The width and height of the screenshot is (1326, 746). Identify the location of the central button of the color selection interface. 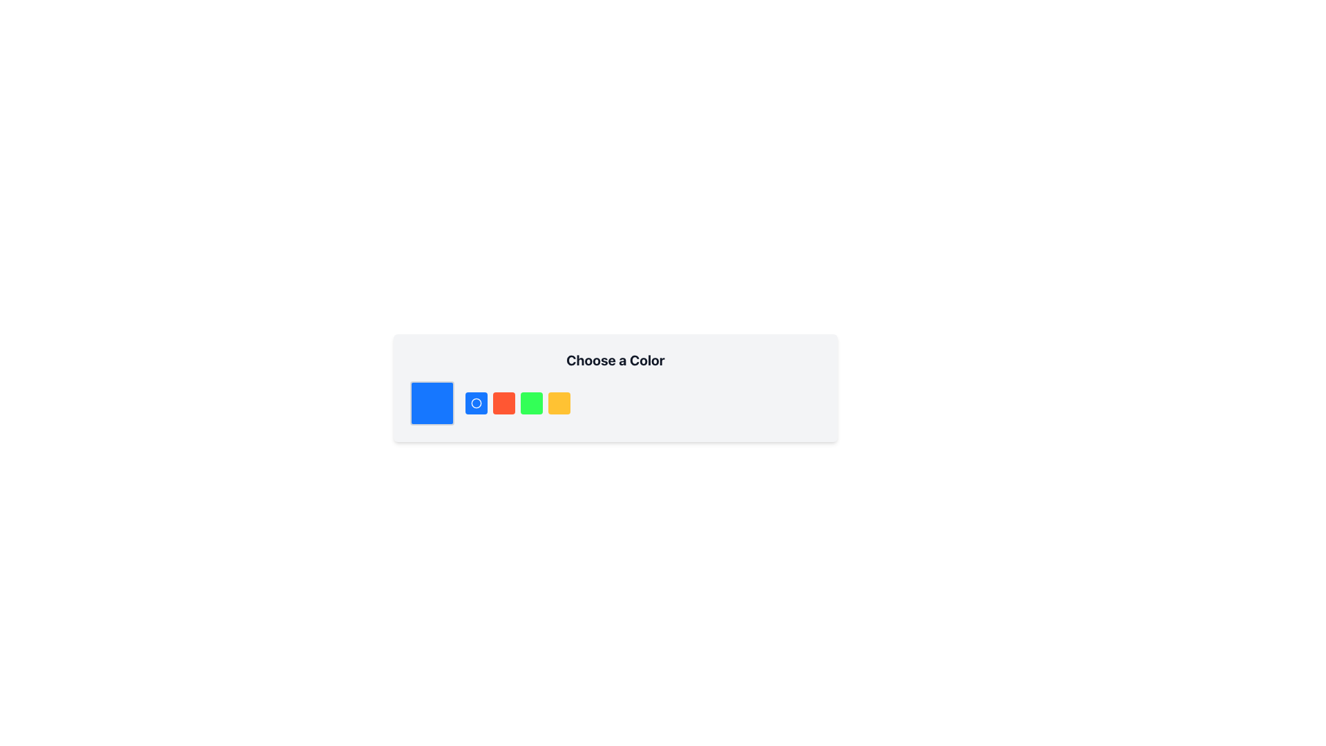
(517, 403).